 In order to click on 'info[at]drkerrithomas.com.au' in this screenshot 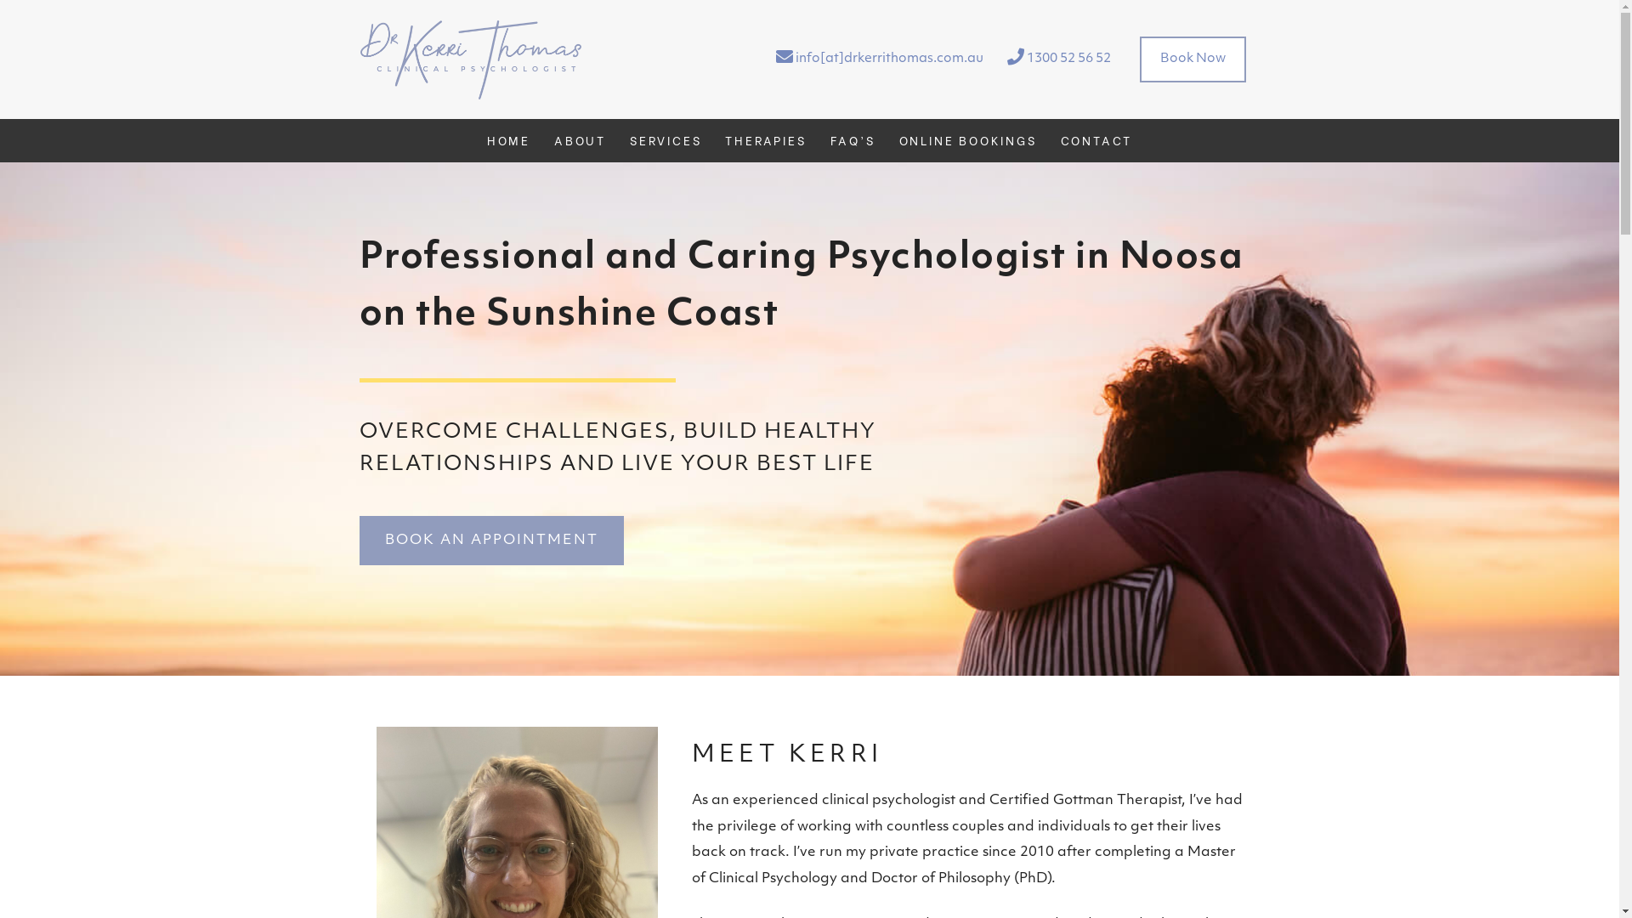, I will do `click(878, 59)`.